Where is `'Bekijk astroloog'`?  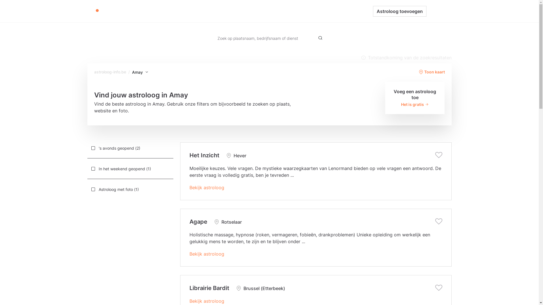
'Bekijk astroloog' is located at coordinates (206, 300).